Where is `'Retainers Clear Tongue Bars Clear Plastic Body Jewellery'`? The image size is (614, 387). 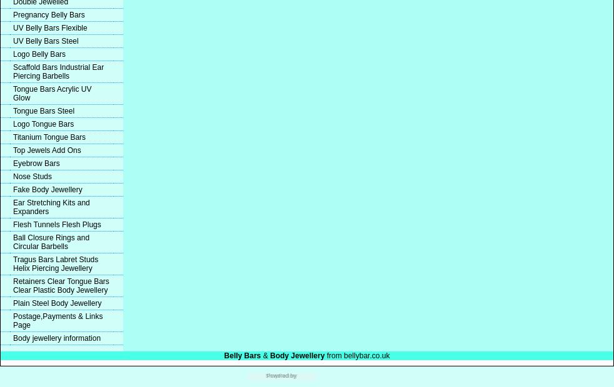
'Retainers Clear Tongue Bars Clear Plastic Body Jewellery' is located at coordinates (13, 285).